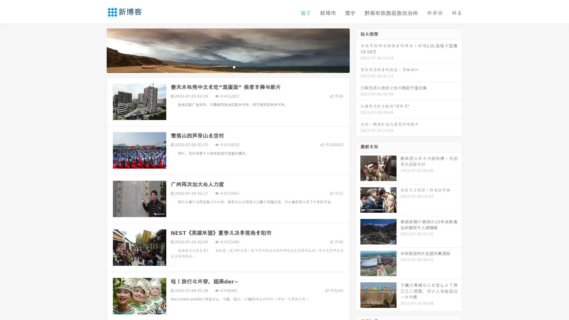  I want to click on Go to slide 3, so click(234, 67).